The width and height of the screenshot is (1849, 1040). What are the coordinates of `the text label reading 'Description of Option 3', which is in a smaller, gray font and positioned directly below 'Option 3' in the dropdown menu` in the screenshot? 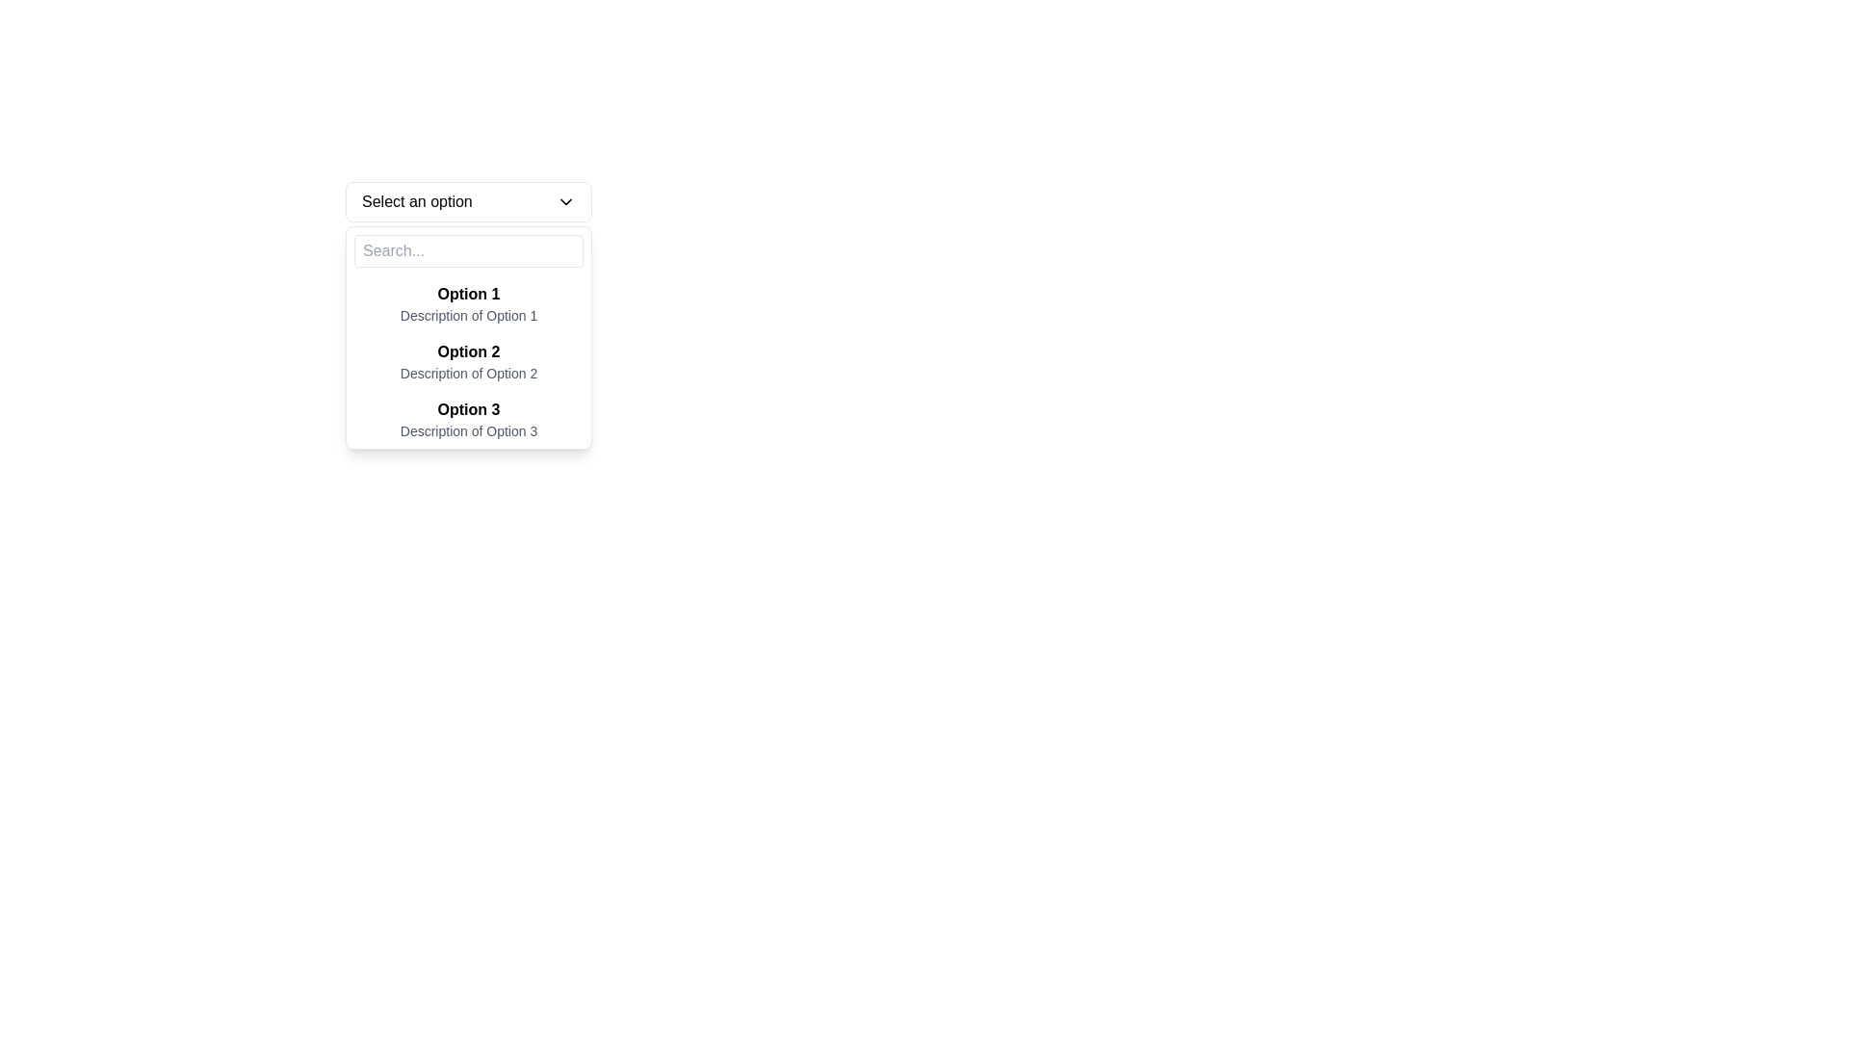 It's located at (468, 429).